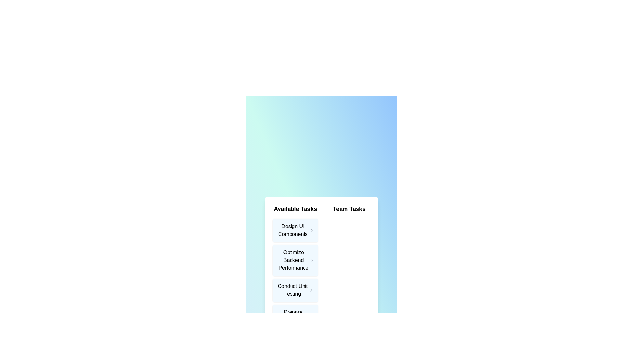 This screenshot has height=351, width=624. I want to click on chevron icon next to the task 'Design UI Components' to move it from 'Team Tasks' to 'Available Tasks', so click(311, 230).